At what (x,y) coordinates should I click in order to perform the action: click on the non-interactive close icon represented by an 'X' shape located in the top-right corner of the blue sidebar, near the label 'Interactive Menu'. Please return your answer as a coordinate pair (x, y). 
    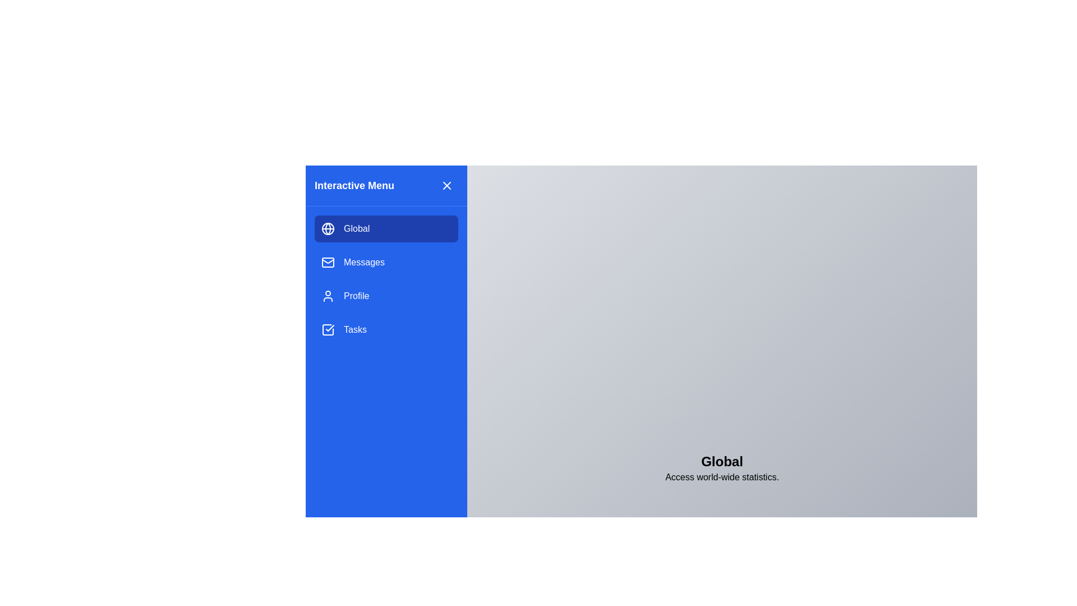
    Looking at the image, I should click on (446, 185).